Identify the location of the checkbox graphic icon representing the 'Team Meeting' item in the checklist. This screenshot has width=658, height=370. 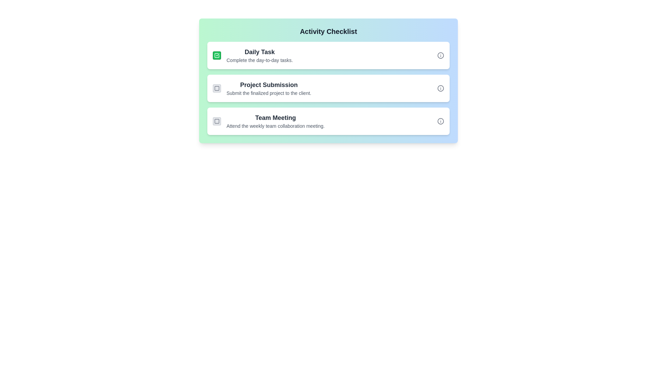
(217, 121).